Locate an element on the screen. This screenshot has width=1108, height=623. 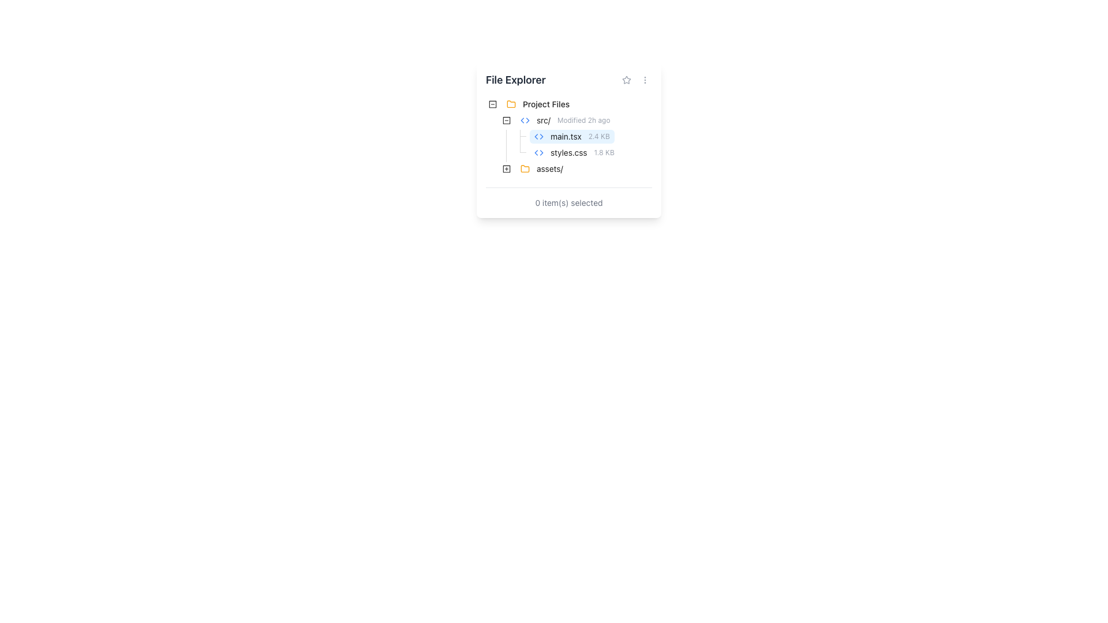
the square icon button located in the left panel of the 'File Explorer' interface, positioned near the 'assets/' folder, to interact with it is located at coordinates (507, 169).